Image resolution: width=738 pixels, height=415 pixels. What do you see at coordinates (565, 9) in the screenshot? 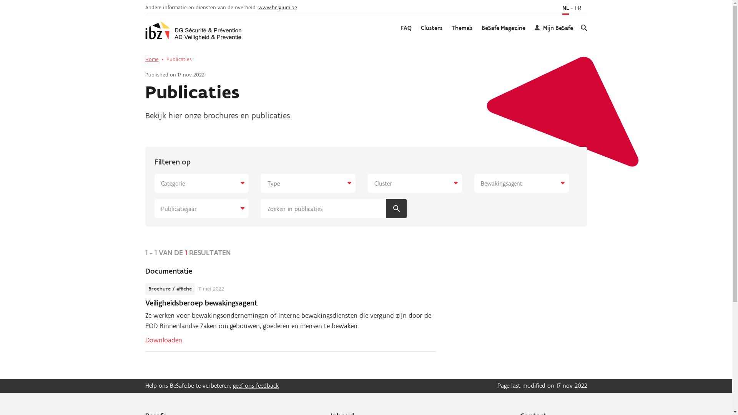
I see `'NL'` at bounding box center [565, 9].